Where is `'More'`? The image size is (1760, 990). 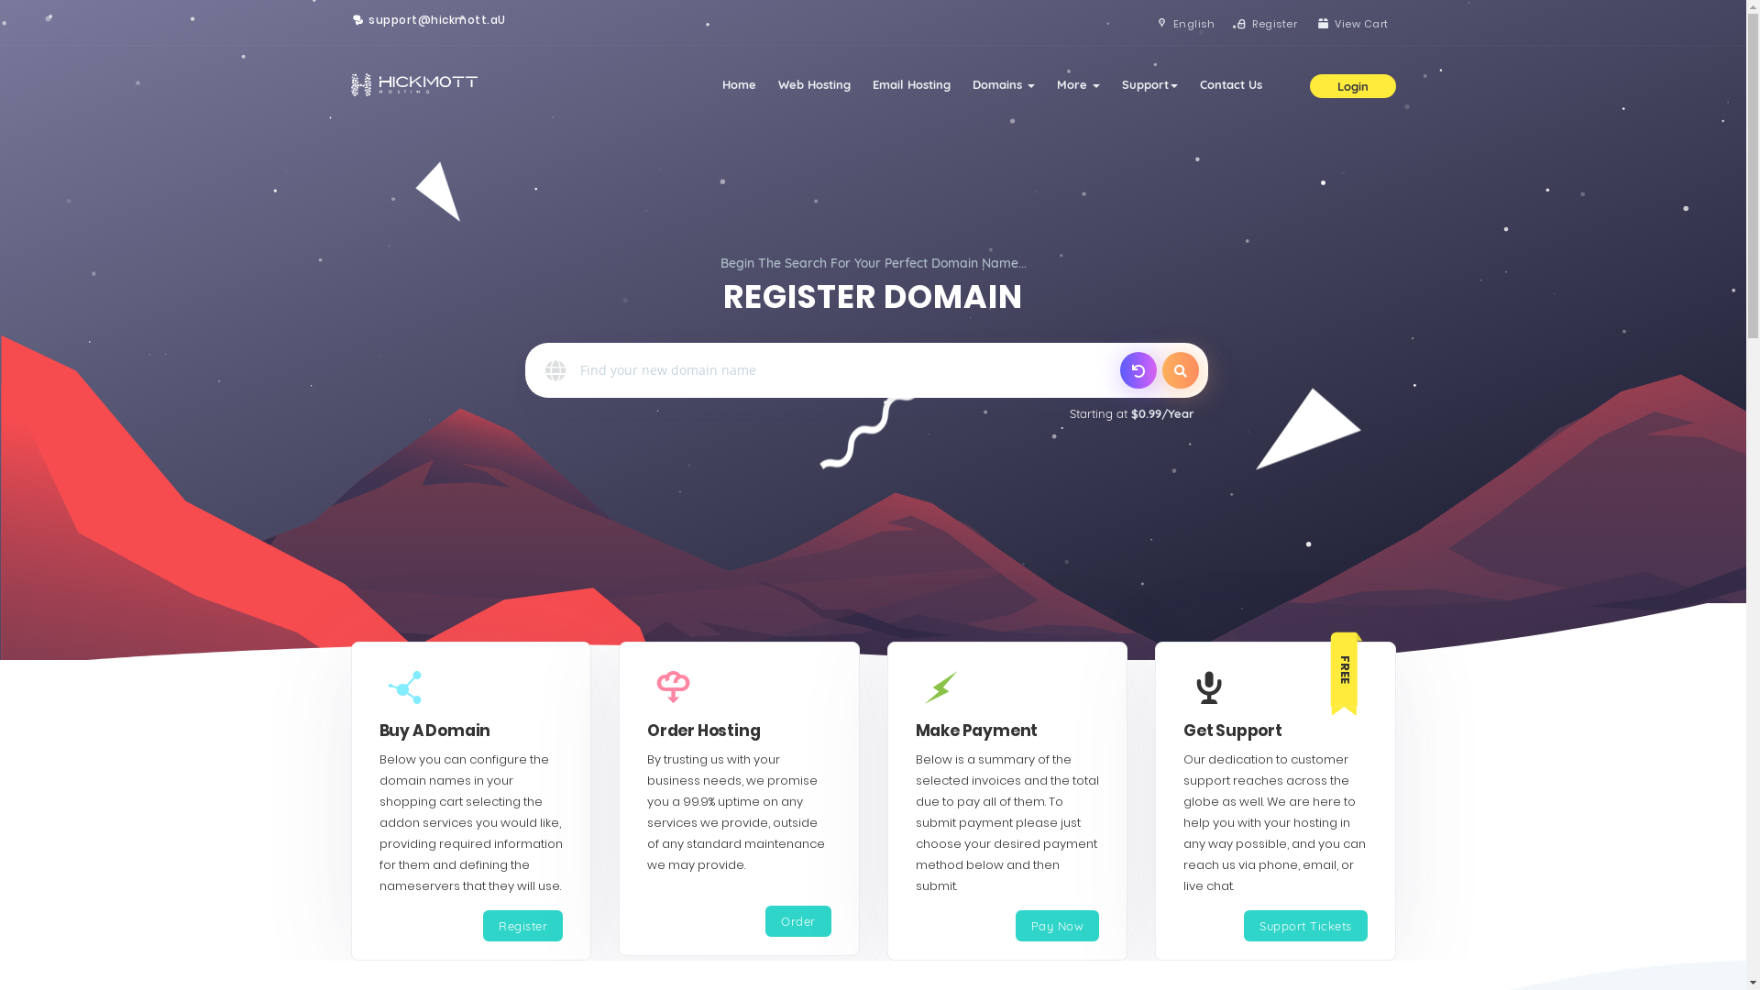
'More' is located at coordinates (1077, 84).